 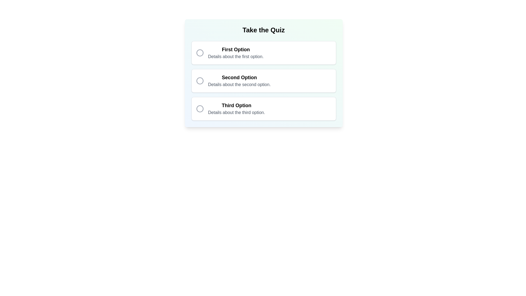 I want to click on the second circular icon representing a selection indicator in the radio button group for the quiz option, so click(x=199, y=81).